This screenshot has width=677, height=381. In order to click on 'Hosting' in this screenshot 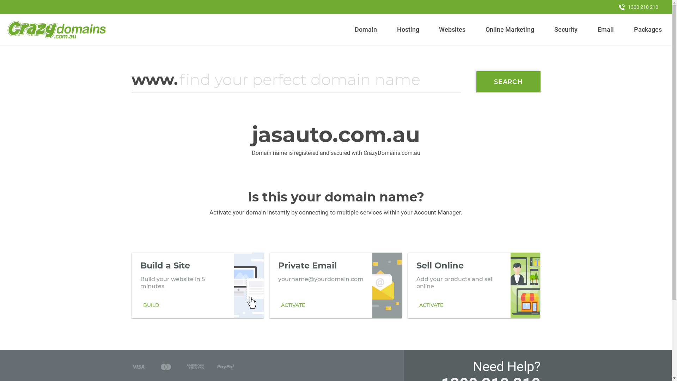, I will do `click(408, 29)`.